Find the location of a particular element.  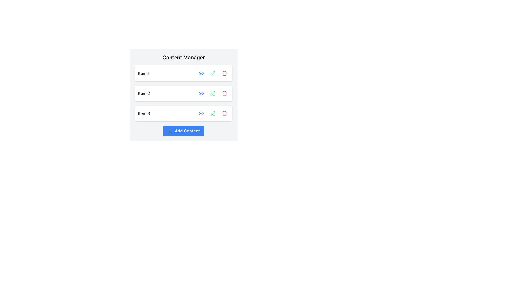

the 'Content Manager' header text, which is styled in bold and slightly larger font, positioned at the top of the section with a light gray background is located at coordinates (184, 58).